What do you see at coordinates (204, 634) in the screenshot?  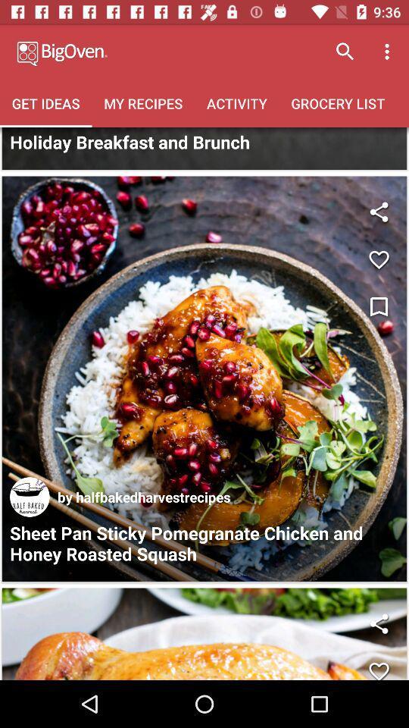 I see `like the article` at bounding box center [204, 634].